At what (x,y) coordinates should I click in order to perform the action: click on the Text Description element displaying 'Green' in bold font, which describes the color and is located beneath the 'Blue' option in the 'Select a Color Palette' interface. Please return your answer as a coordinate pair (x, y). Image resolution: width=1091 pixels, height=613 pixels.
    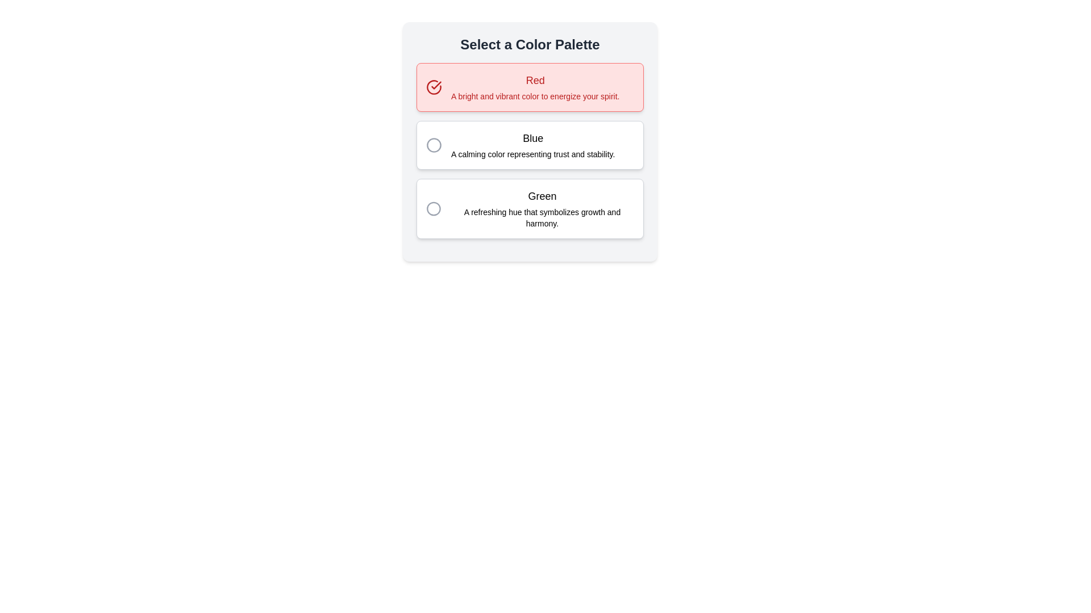
    Looking at the image, I should click on (542, 208).